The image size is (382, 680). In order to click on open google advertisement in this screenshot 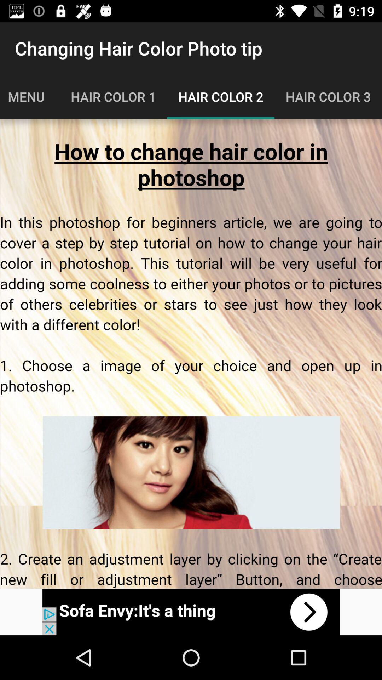, I will do `click(191, 612)`.